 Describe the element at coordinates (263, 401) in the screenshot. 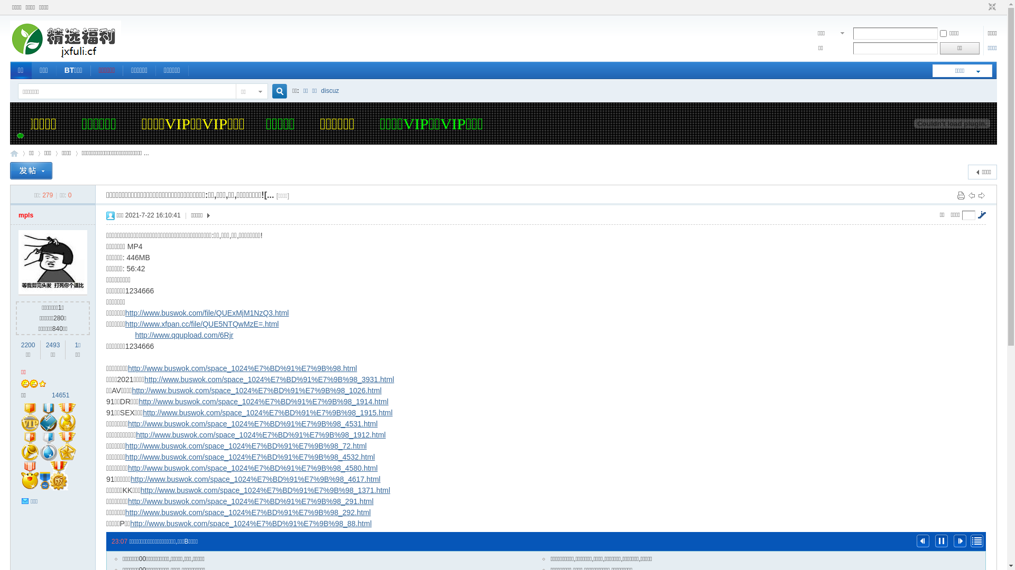

I see `'http://www.buswok.com/space_1024%E7%BD%91%E7%9B%98_1914.html'` at that location.